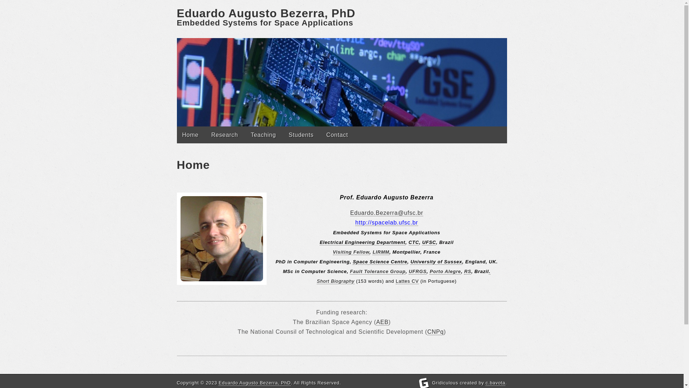 Image resolution: width=689 pixels, height=388 pixels. What do you see at coordinates (427, 332) in the screenshot?
I see `'CNPq'` at bounding box center [427, 332].